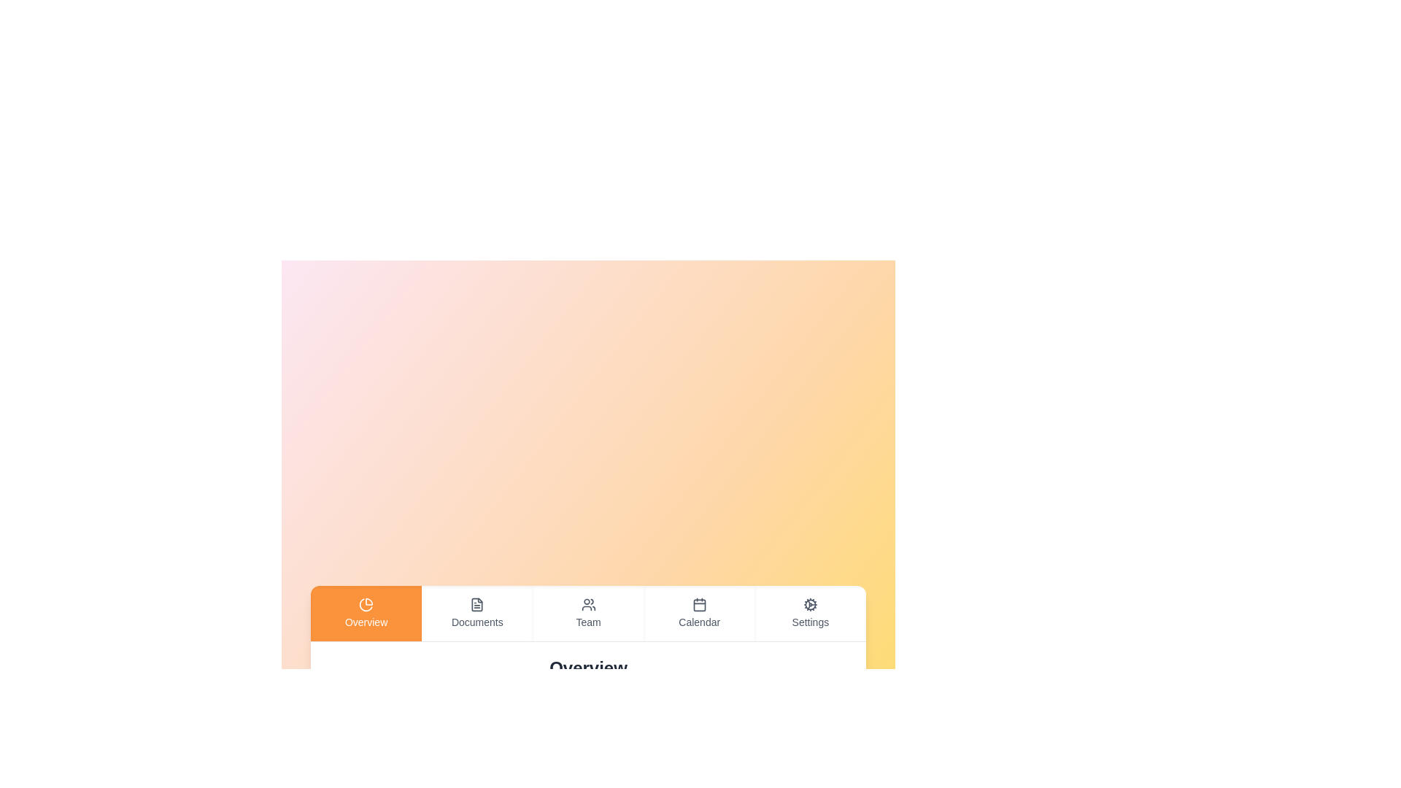 Image resolution: width=1401 pixels, height=788 pixels. Describe the element at coordinates (698, 622) in the screenshot. I see `the text label displaying 'Calendar' in a medium weight gray sans-serif font, located below the calendar icon in the bottom navigation bar` at that location.